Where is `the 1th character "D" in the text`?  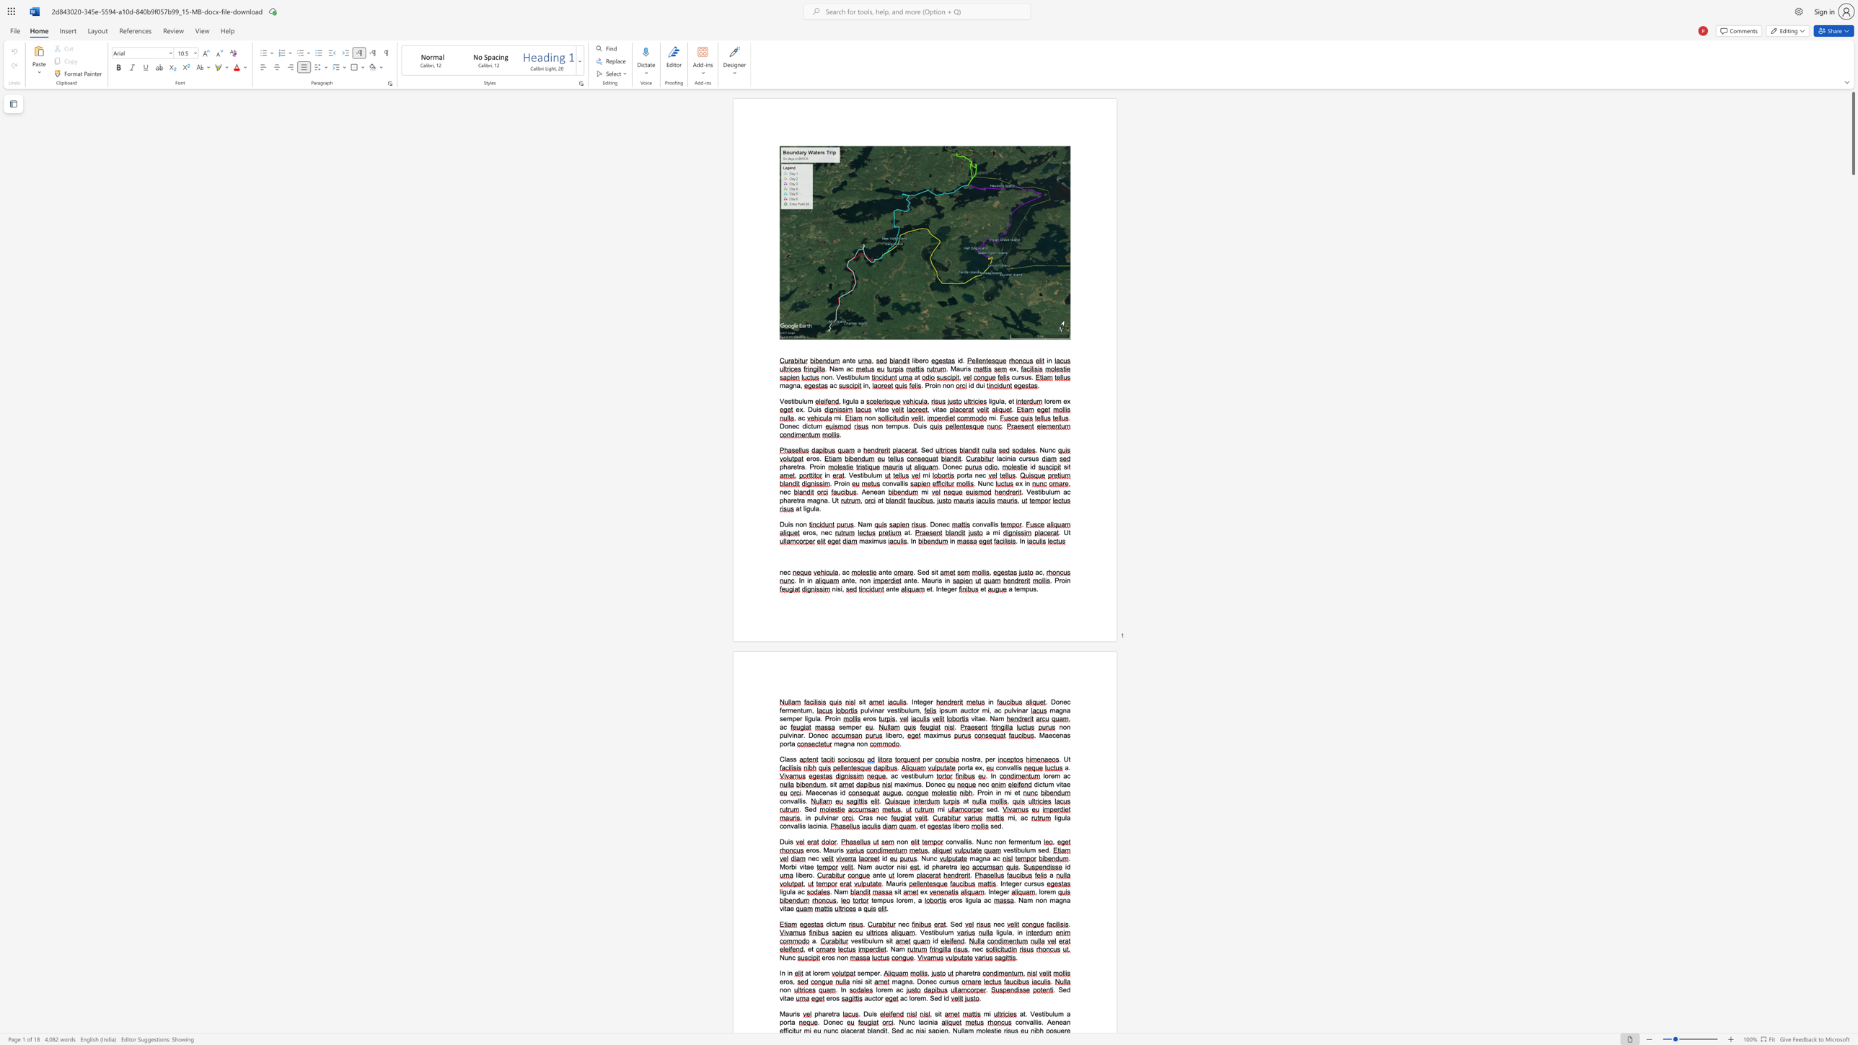 the 1th character "D" in the text is located at coordinates (918, 981).